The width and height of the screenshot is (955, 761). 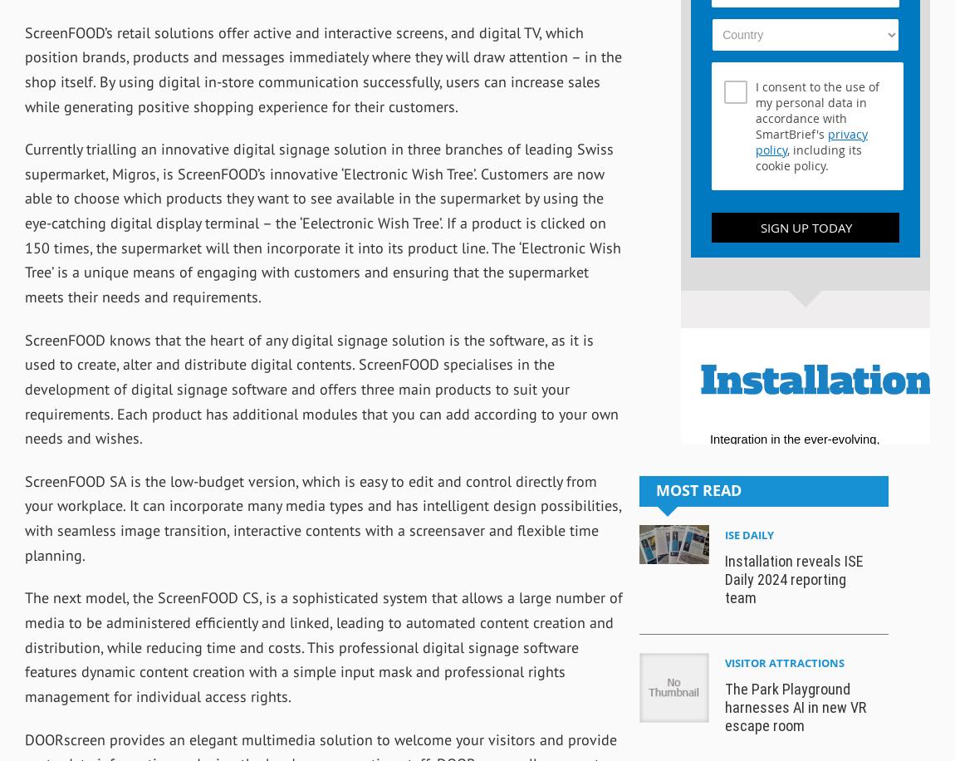 I want to click on 'ISE Daily', so click(x=749, y=533).